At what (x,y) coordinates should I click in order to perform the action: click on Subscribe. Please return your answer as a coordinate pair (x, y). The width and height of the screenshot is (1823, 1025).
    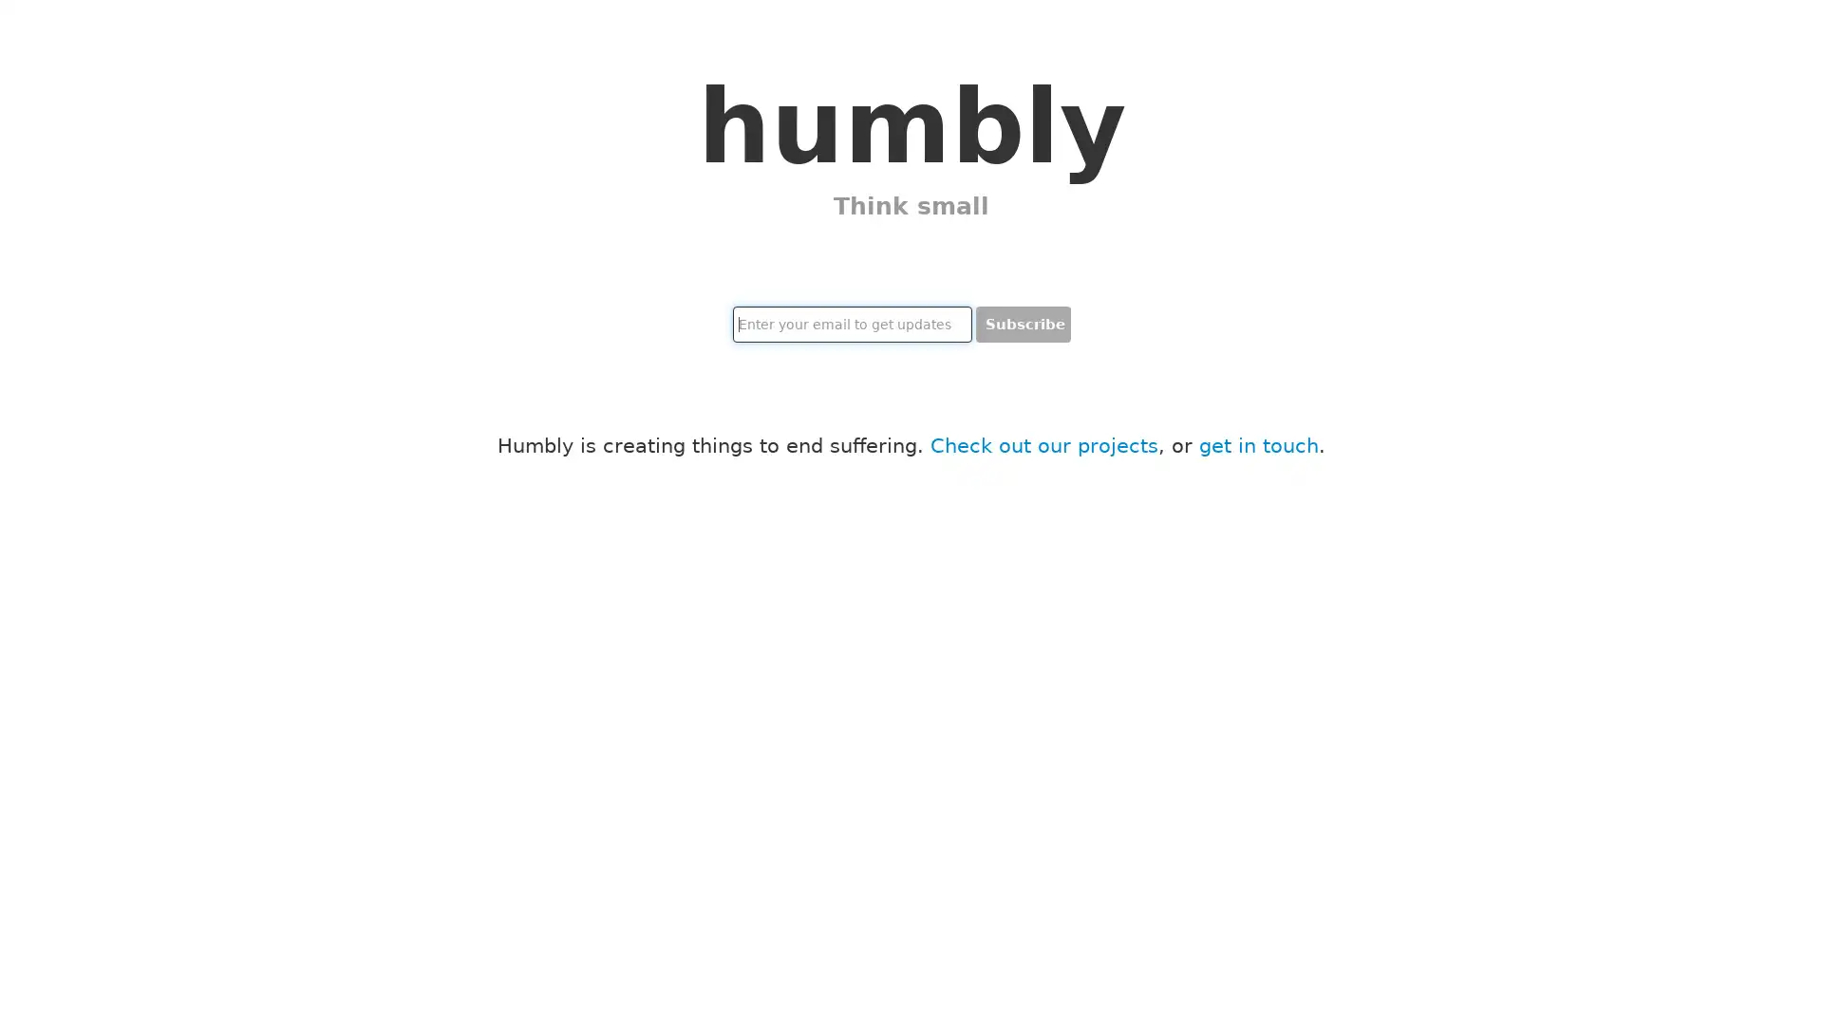
    Looking at the image, I should click on (1023, 324).